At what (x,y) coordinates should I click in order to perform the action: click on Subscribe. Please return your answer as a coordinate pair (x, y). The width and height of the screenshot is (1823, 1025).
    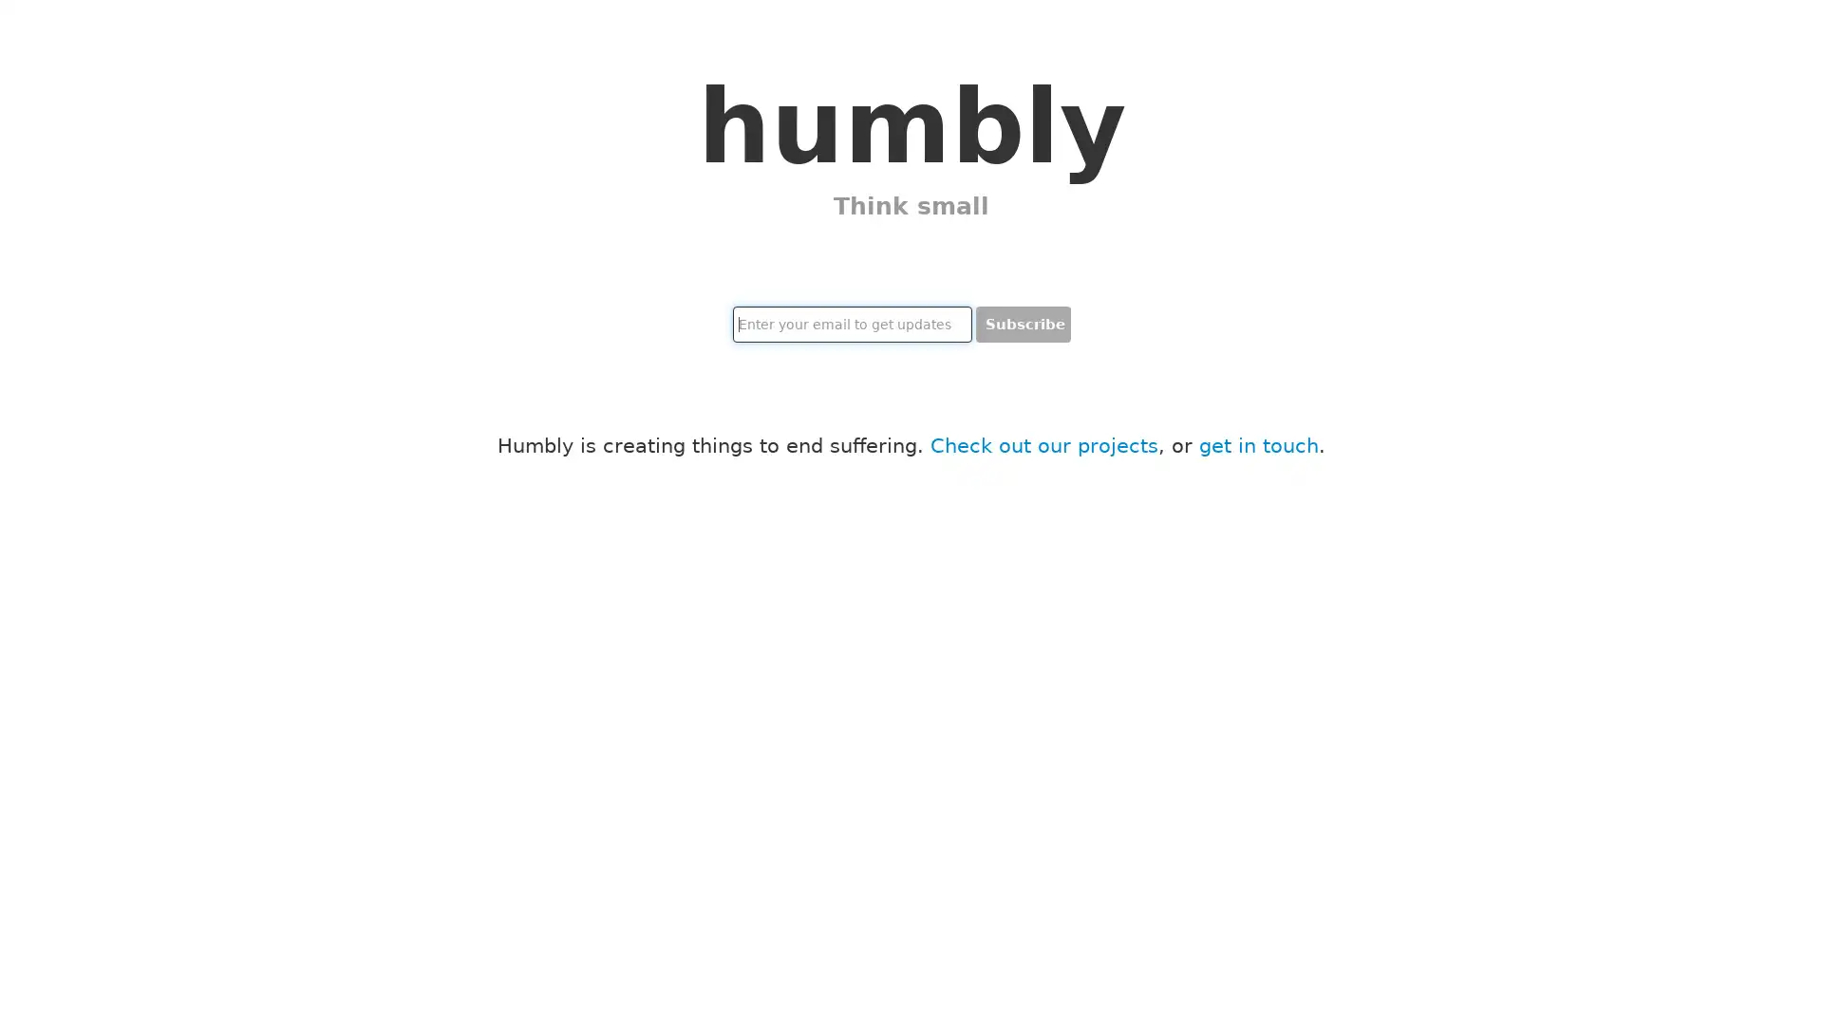
    Looking at the image, I should click on (1023, 324).